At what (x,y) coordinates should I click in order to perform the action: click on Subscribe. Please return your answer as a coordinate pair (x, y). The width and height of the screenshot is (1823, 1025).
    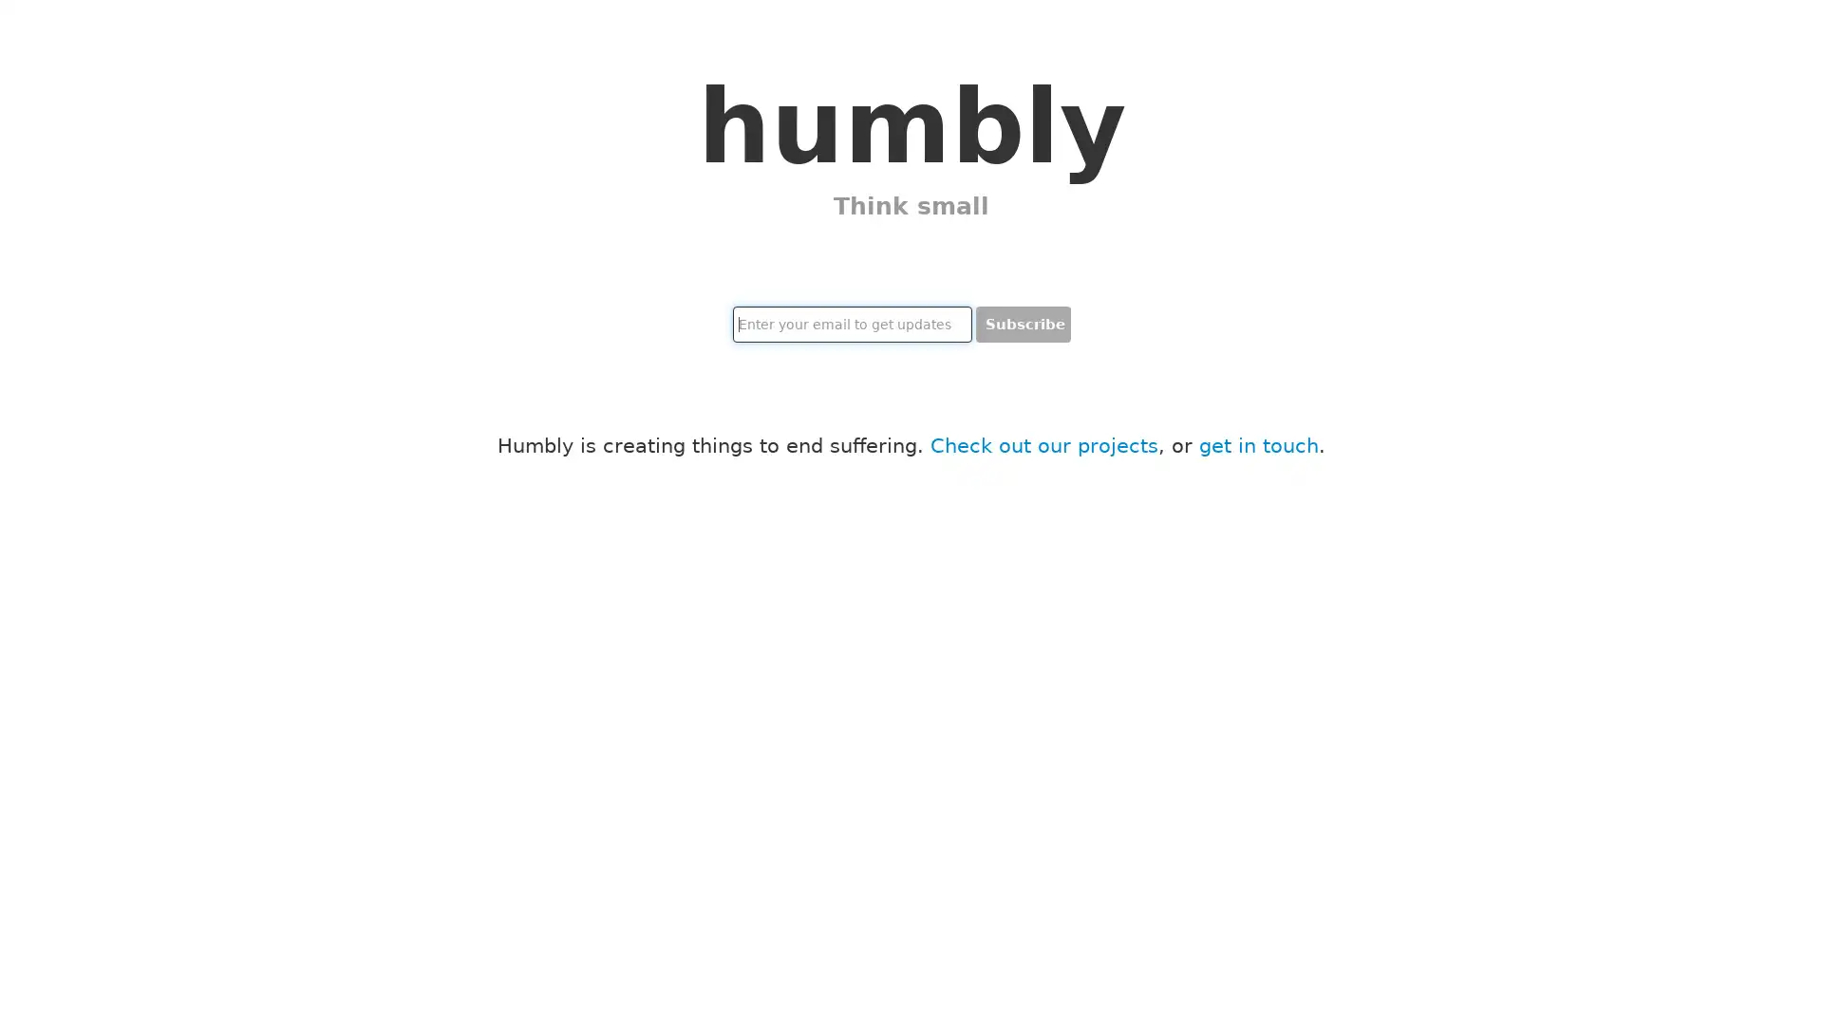
    Looking at the image, I should click on (1023, 324).